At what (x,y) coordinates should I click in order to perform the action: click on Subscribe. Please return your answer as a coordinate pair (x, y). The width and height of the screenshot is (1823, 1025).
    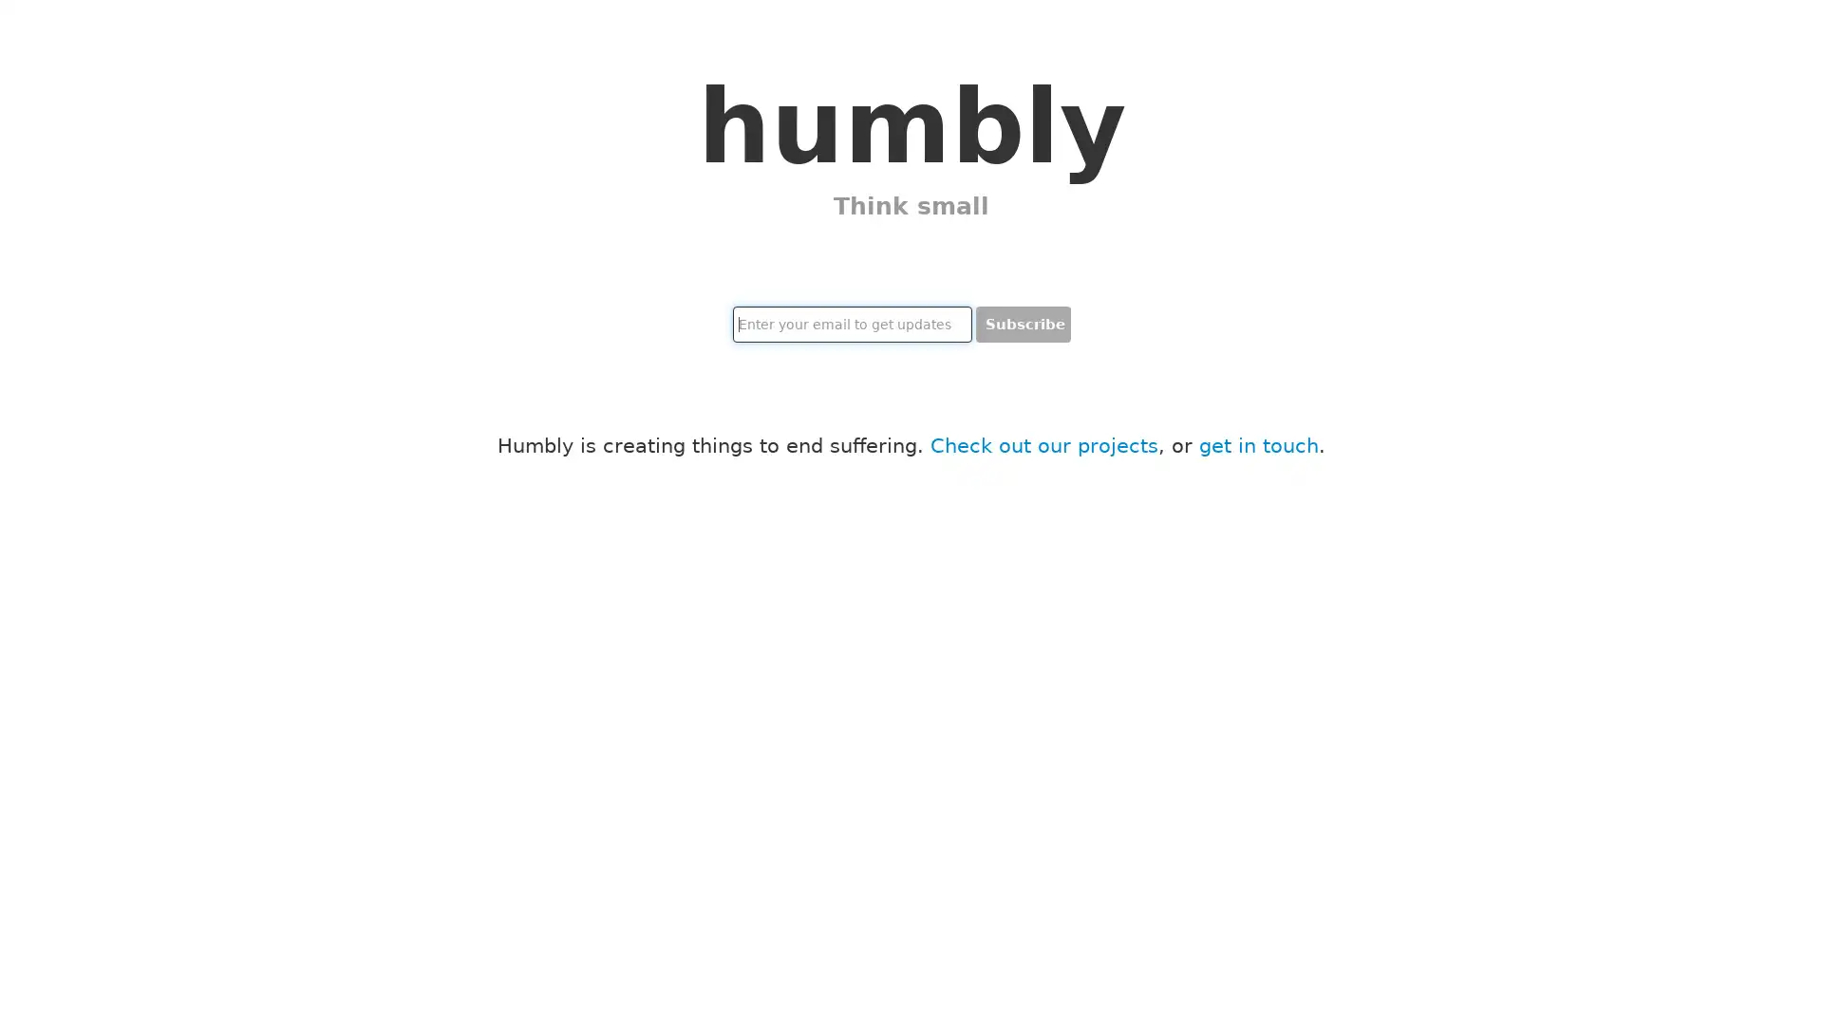
    Looking at the image, I should click on (1023, 324).